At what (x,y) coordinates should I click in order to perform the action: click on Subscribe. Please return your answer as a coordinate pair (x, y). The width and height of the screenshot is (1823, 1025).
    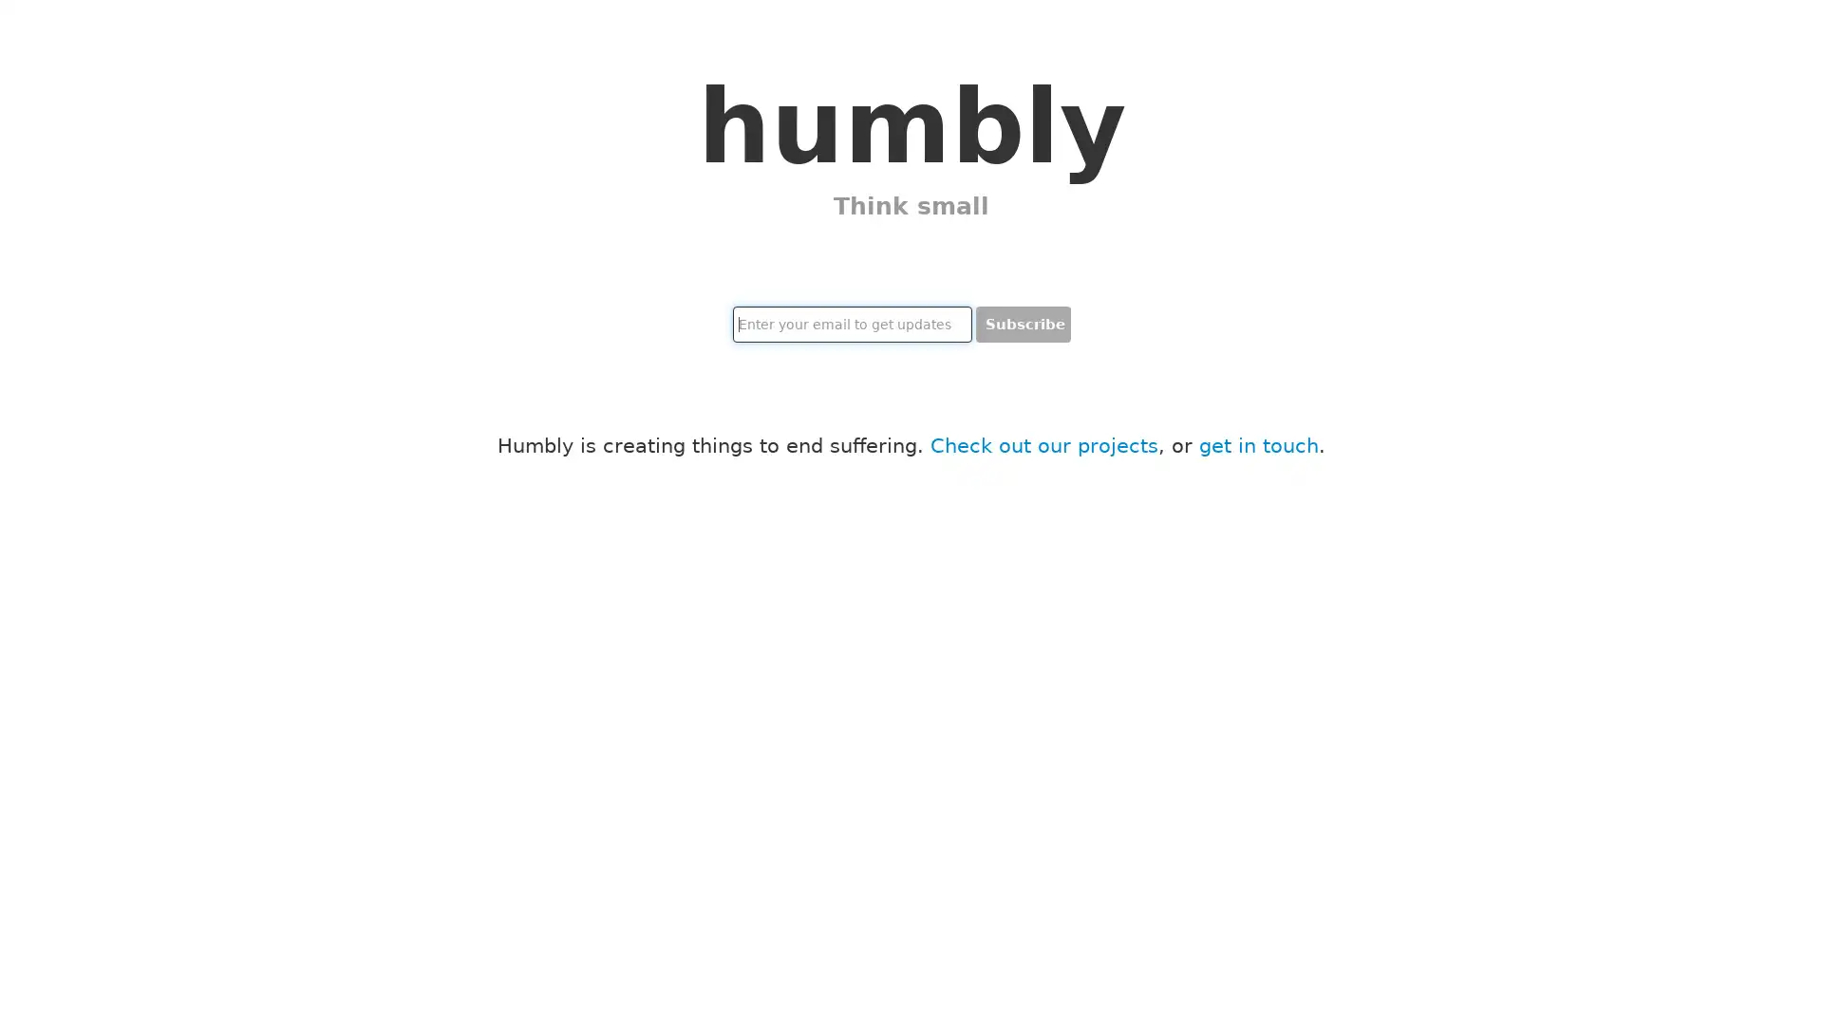
    Looking at the image, I should click on (1023, 324).